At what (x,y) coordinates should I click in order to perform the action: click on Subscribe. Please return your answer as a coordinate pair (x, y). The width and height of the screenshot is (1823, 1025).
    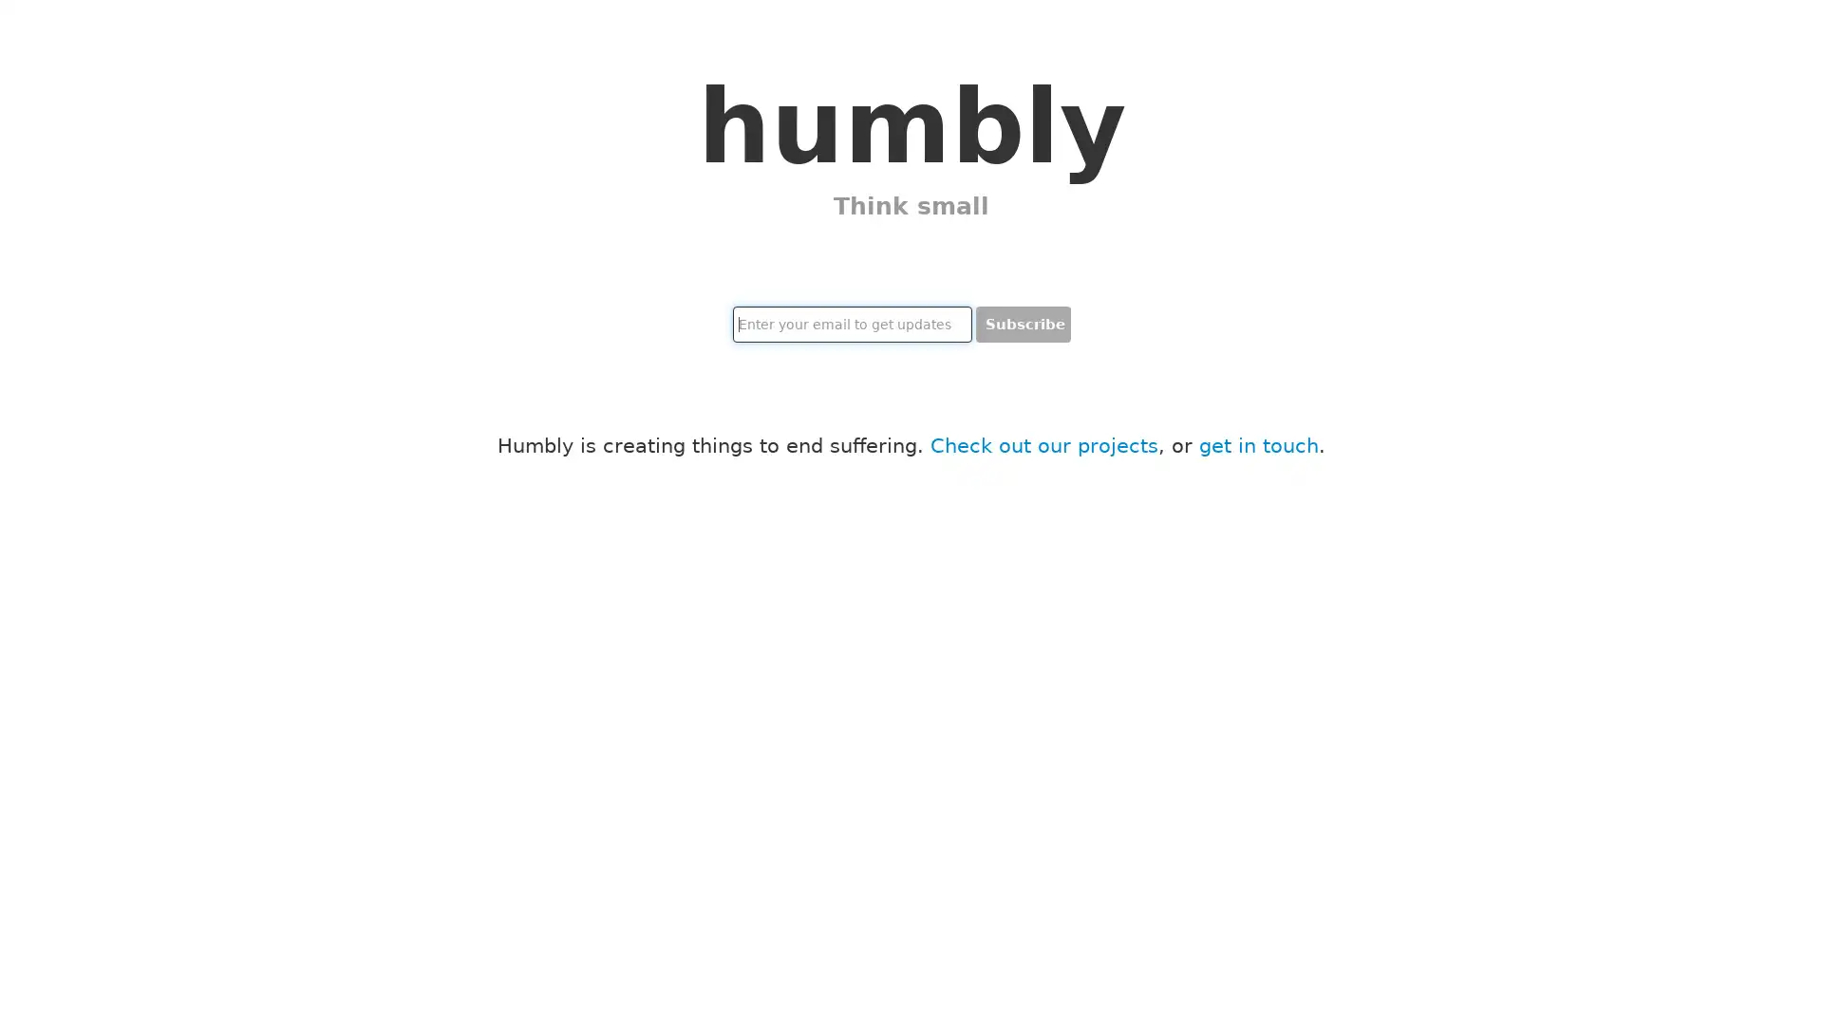
    Looking at the image, I should click on (1023, 324).